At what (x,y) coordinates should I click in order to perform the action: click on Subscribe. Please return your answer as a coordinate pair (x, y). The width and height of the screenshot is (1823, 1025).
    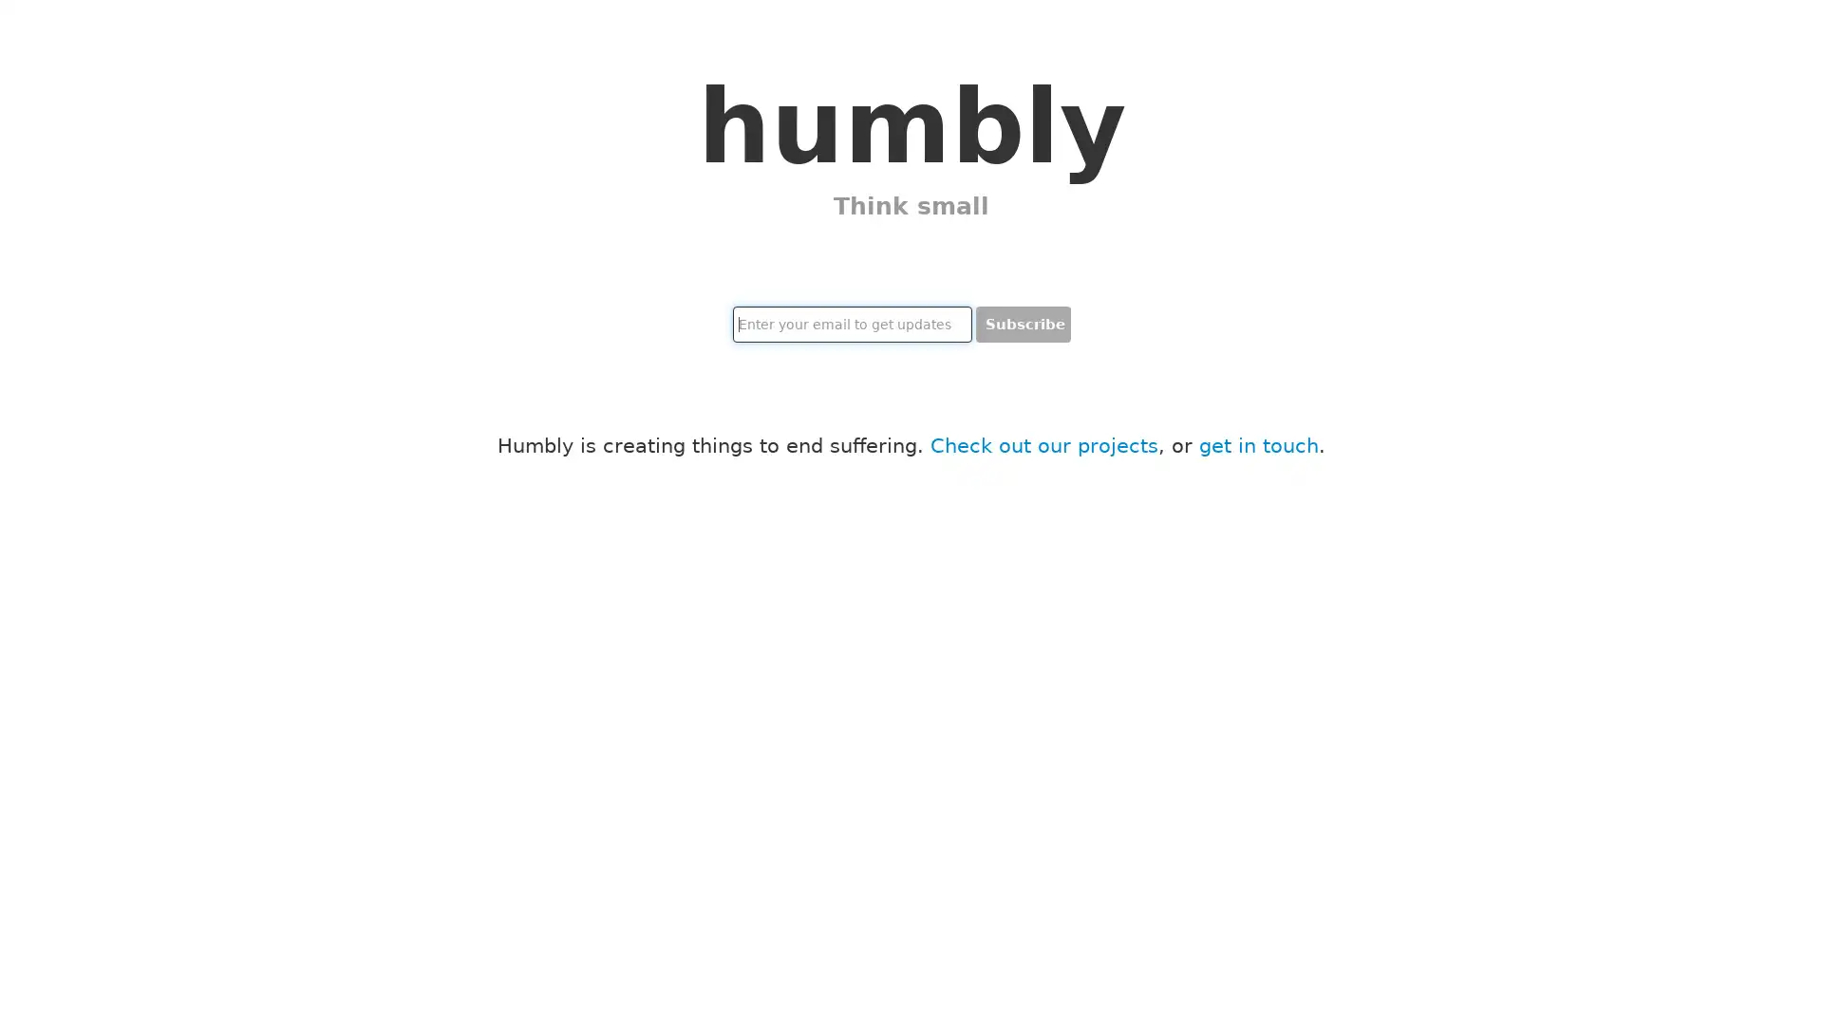
    Looking at the image, I should click on (1023, 324).